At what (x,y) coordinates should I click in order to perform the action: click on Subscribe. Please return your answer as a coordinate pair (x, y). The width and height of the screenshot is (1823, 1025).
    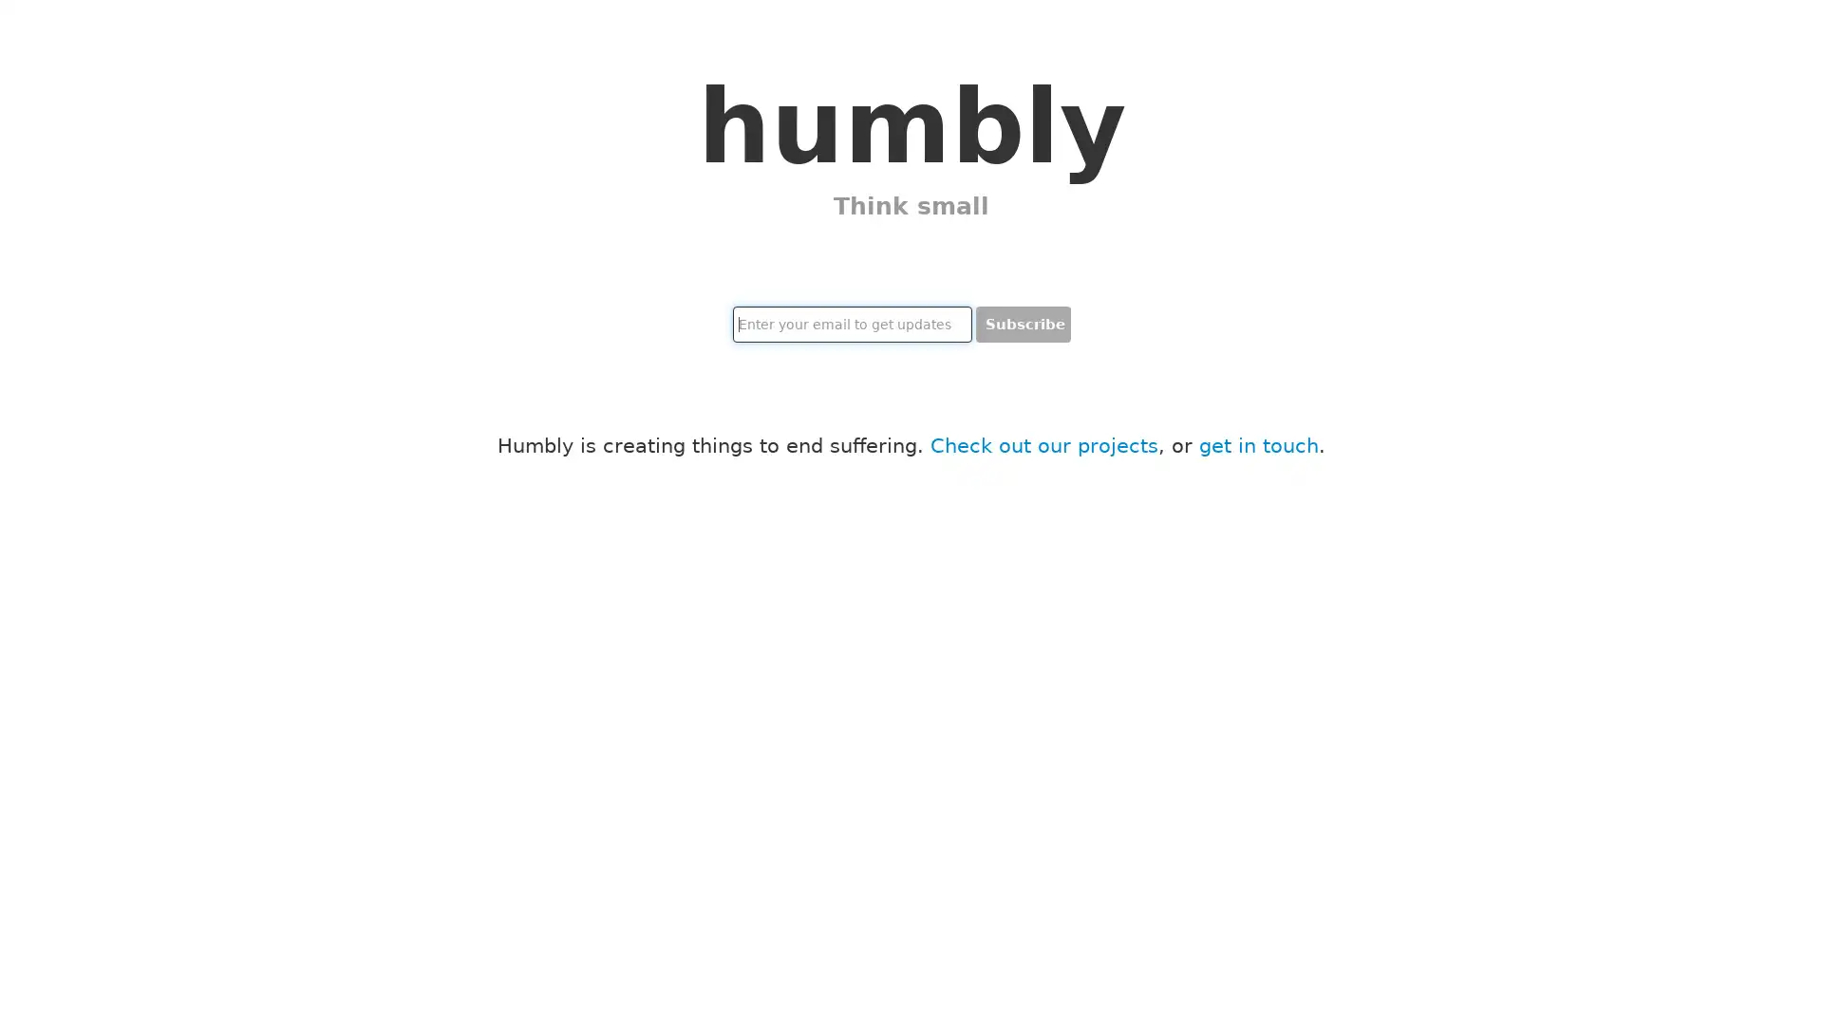
    Looking at the image, I should click on (1023, 324).